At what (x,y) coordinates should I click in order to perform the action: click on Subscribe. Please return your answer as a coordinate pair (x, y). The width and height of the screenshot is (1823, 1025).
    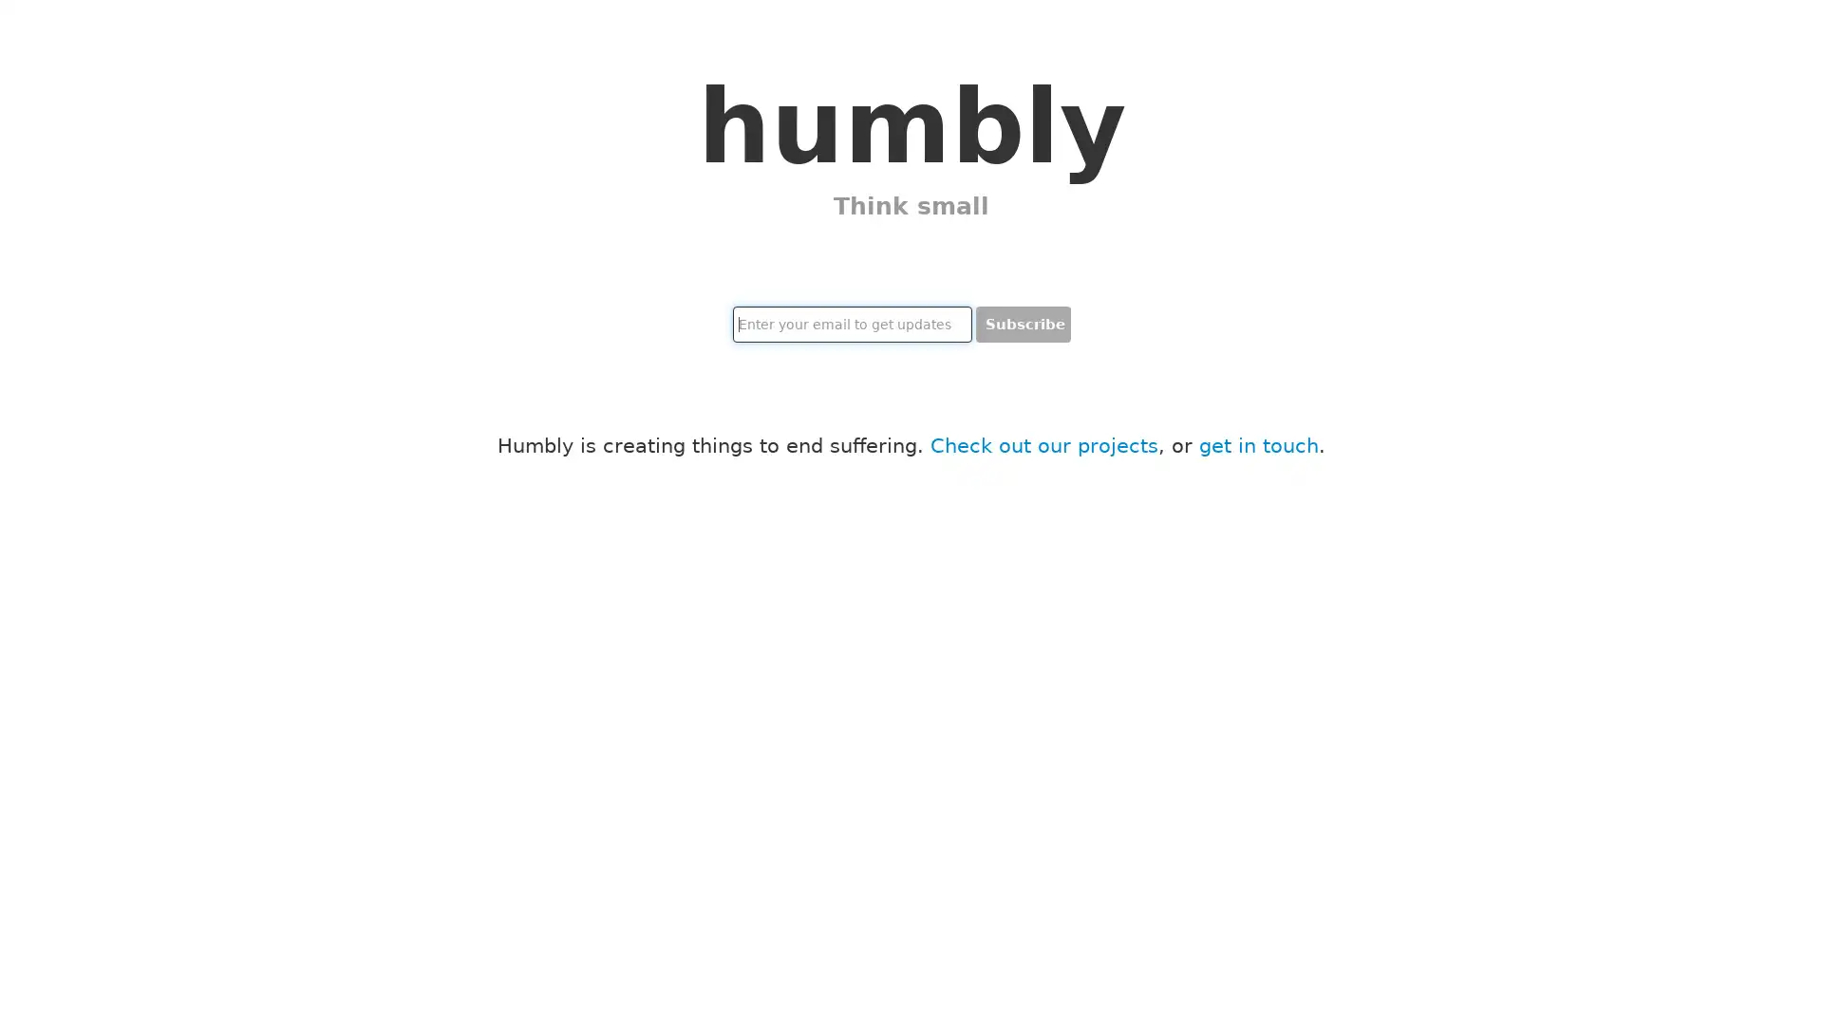
    Looking at the image, I should click on (1023, 324).